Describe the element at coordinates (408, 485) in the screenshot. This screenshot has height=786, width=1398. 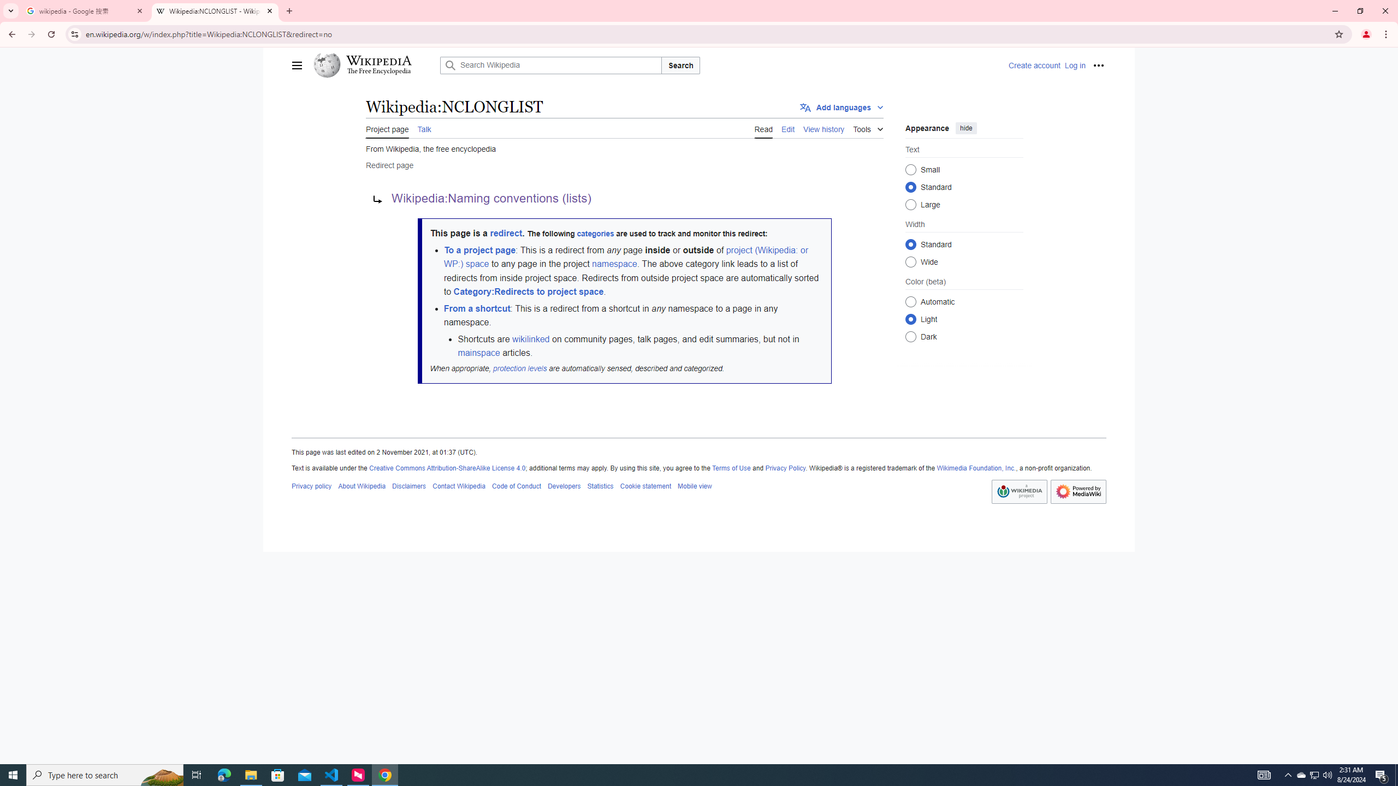
I see `'AutomationID: footer-places-disclaimers'` at that location.